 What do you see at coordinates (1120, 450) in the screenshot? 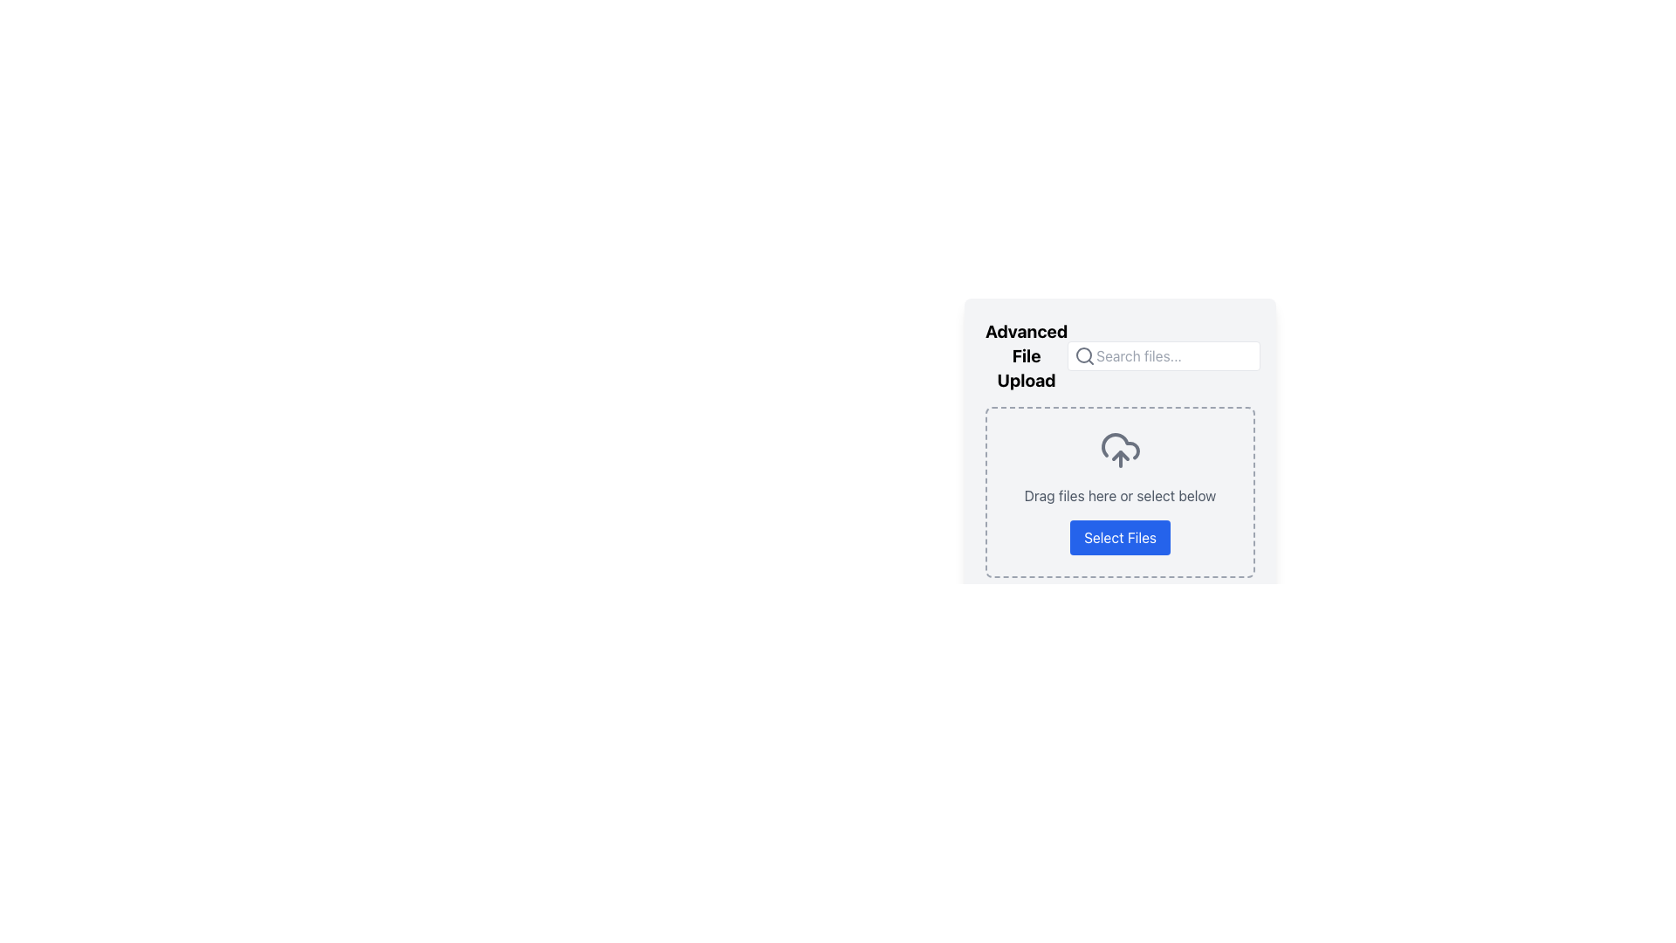
I see `the upload icon represented by a cloud and upward arrow, located inside the dashed border box above the 'Drag files here or select below' text and the blue 'Select Files' button` at bounding box center [1120, 450].